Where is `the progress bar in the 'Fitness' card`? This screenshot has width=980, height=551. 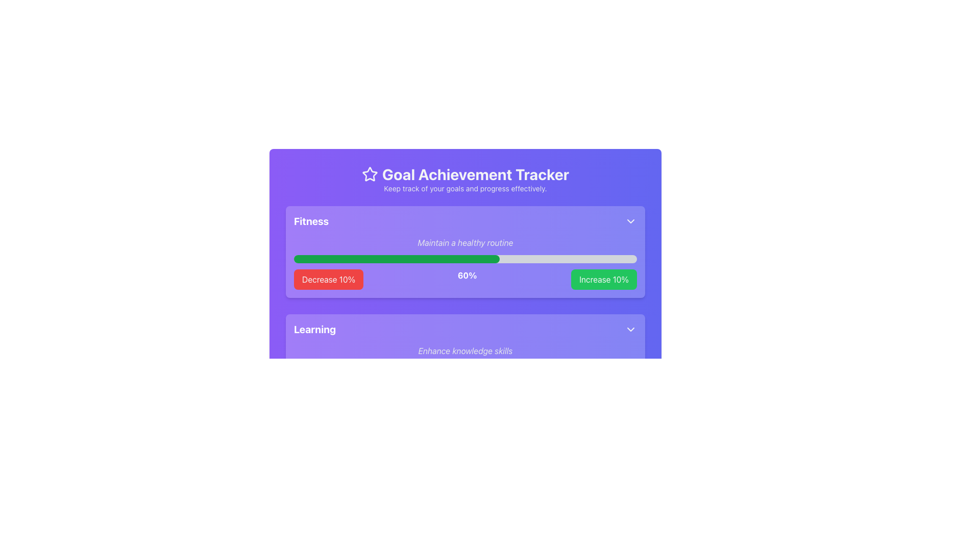
the progress bar in the 'Fitness' card is located at coordinates (465, 306).